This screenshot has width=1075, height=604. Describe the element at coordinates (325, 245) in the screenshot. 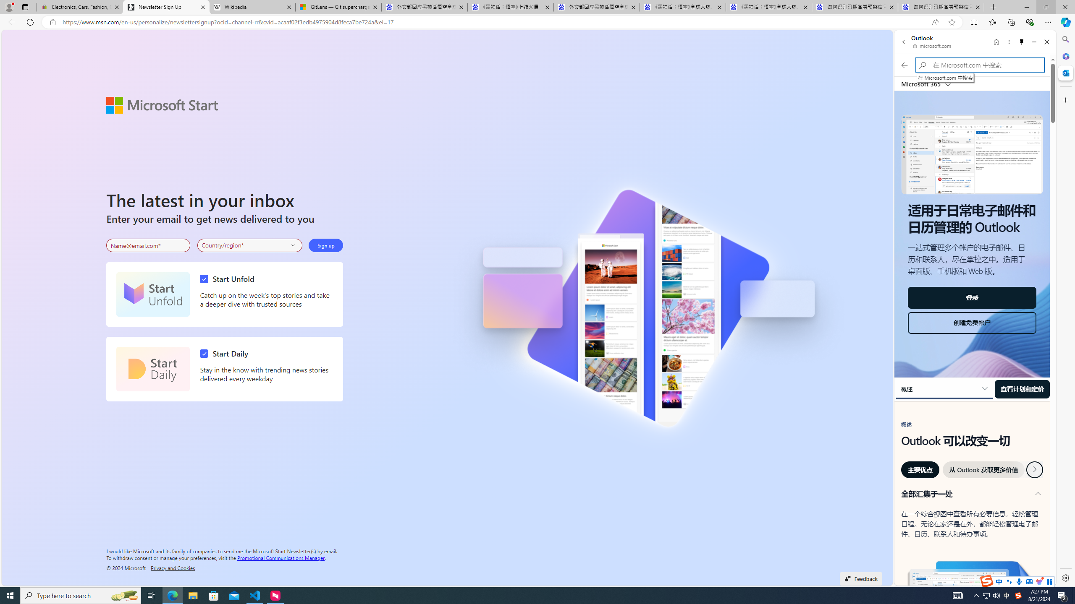

I see `'Sign up'` at that location.